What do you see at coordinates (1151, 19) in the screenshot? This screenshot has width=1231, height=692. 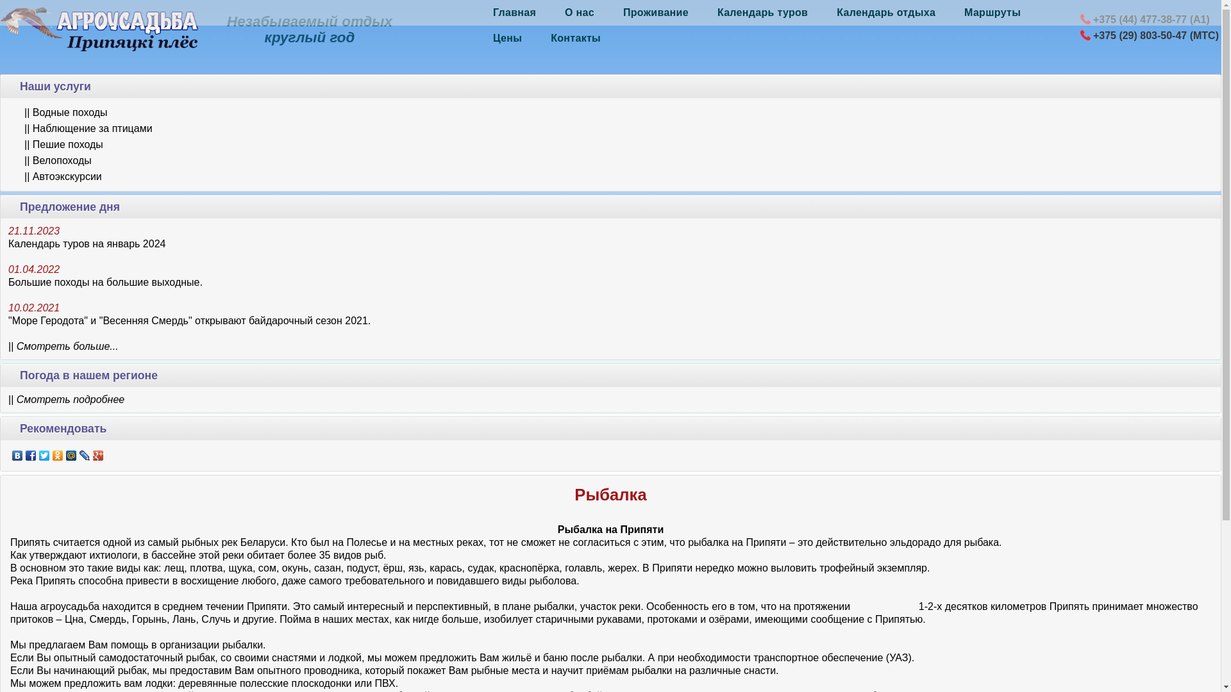 I see `'+375 (44) 477-38-77 (A1)'` at bounding box center [1151, 19].